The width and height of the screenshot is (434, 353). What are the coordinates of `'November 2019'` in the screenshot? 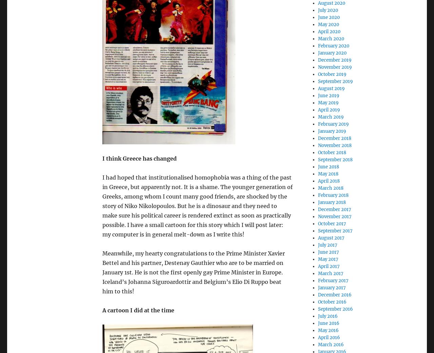 It's located at (317, 67).